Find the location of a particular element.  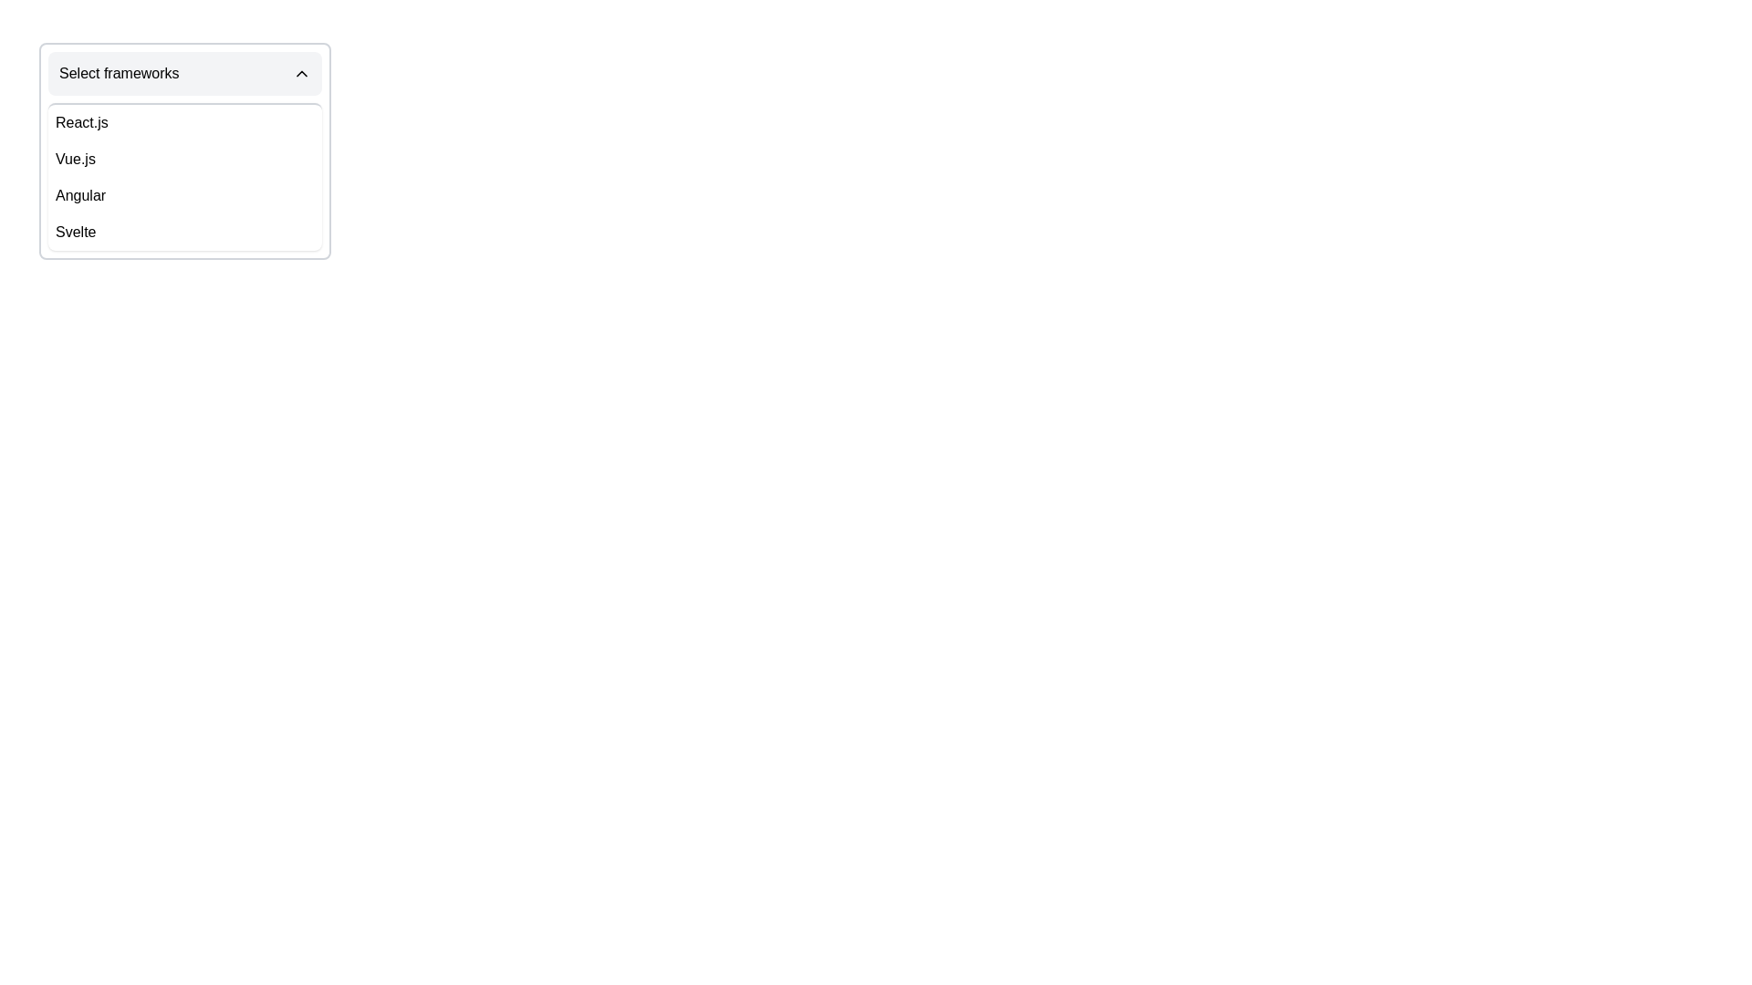

to select the second list item labeled 'Vue.js' in the dropdown menu is located at coordinates (184, 158).